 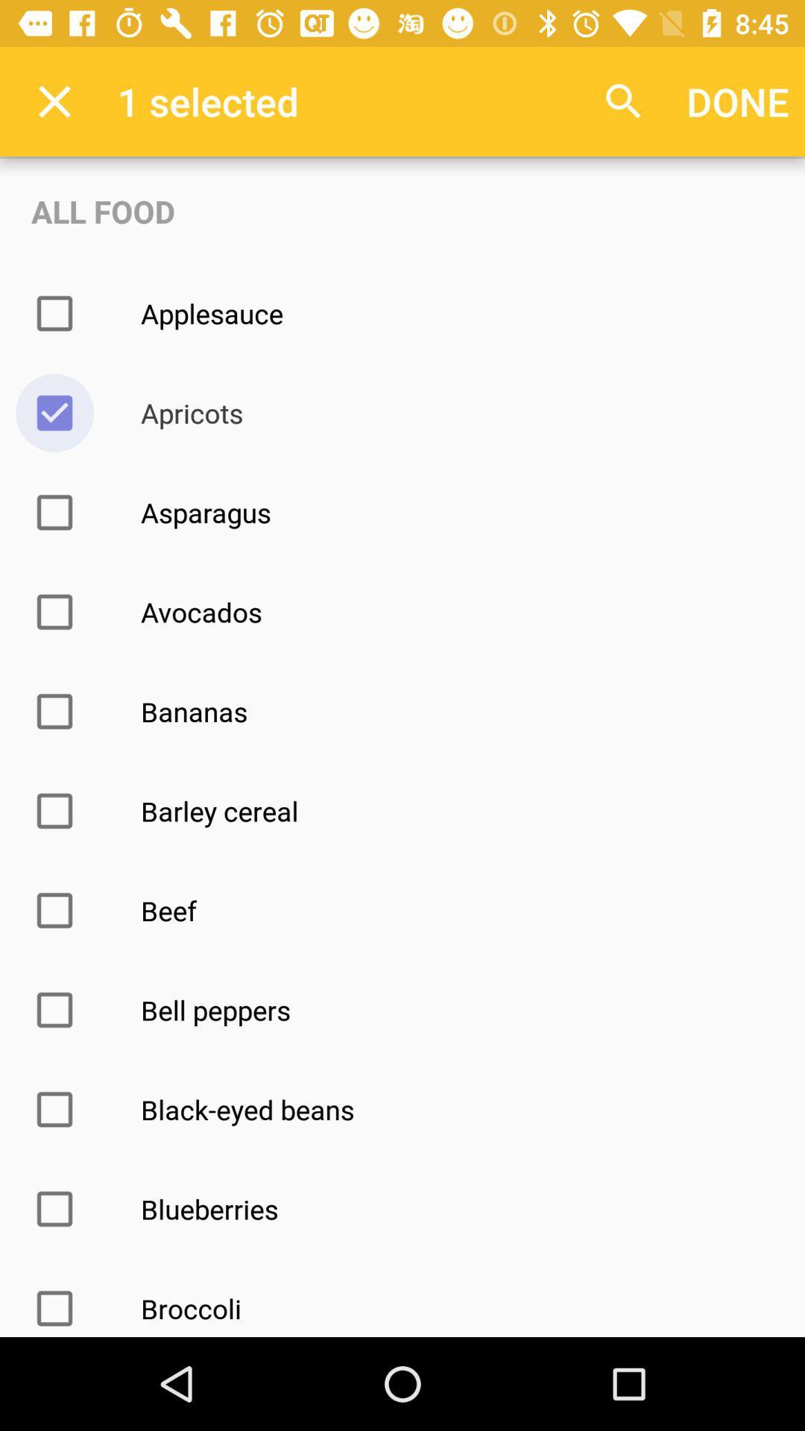 What do you see at coordinates (624, 101) in the screenshot?
I see `icon next to done icon` at bounding box center [624, 101].